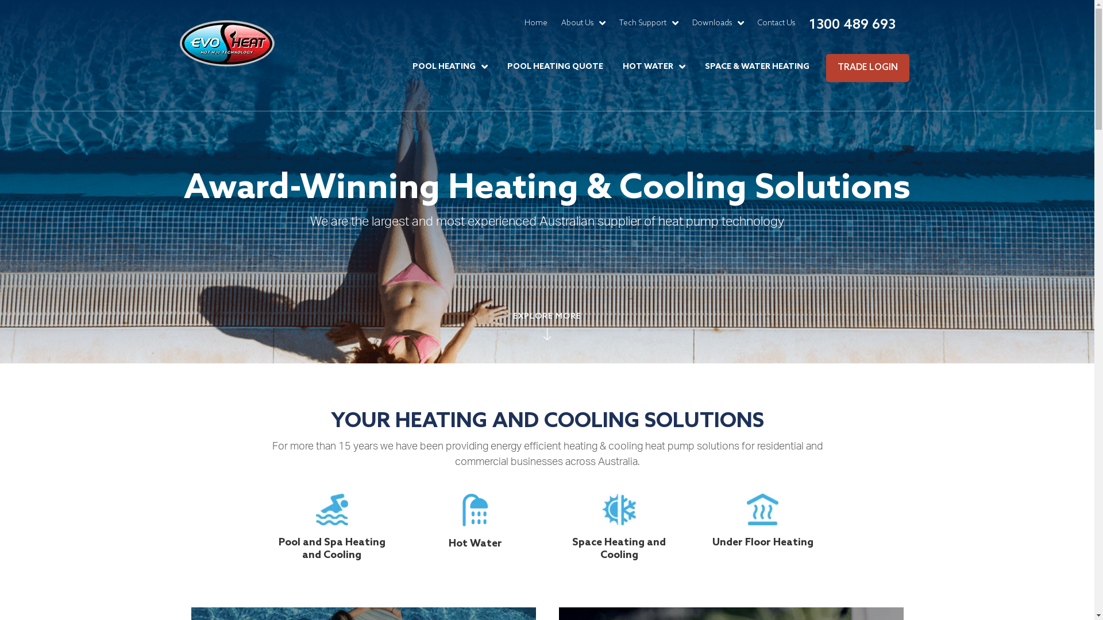  Describe the element at coordinates (449, 67) in the screenshot. I see `'POOL HEATING'` at that location.